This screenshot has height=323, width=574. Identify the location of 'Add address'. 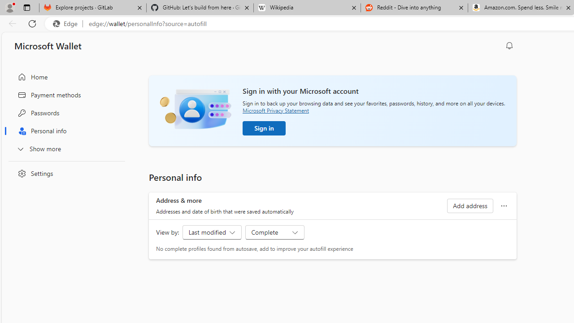
(469, 205).